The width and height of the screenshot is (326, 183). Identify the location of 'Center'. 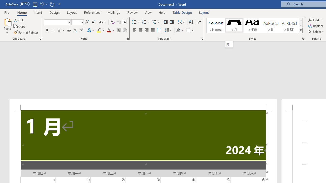
(141, 30).